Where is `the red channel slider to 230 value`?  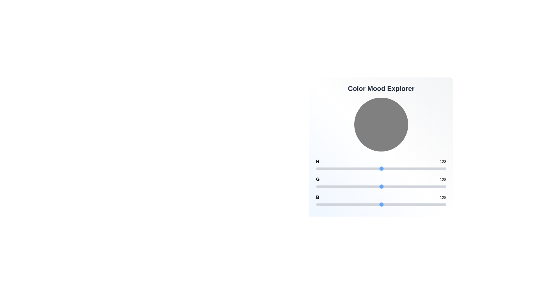
the red channel slider to 230 value is located at coordinates (433, 168).